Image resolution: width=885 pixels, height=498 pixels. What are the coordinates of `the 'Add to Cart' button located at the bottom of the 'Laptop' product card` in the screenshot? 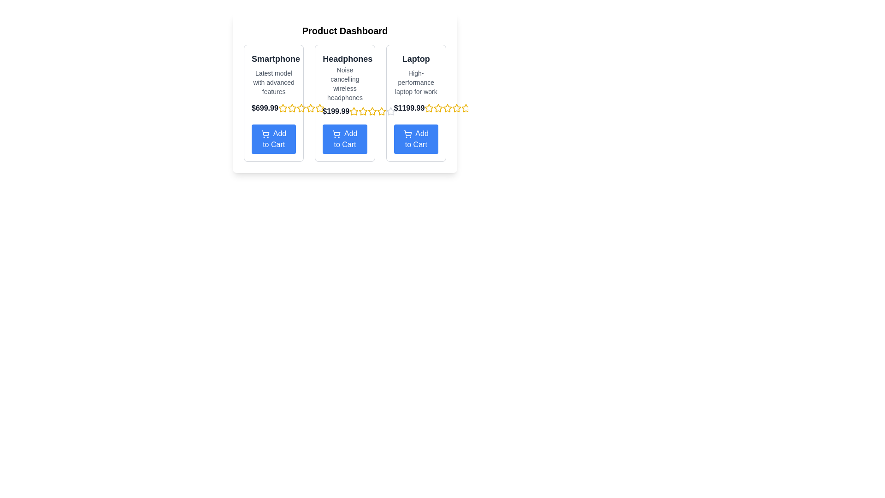 It's located at (415, 139).